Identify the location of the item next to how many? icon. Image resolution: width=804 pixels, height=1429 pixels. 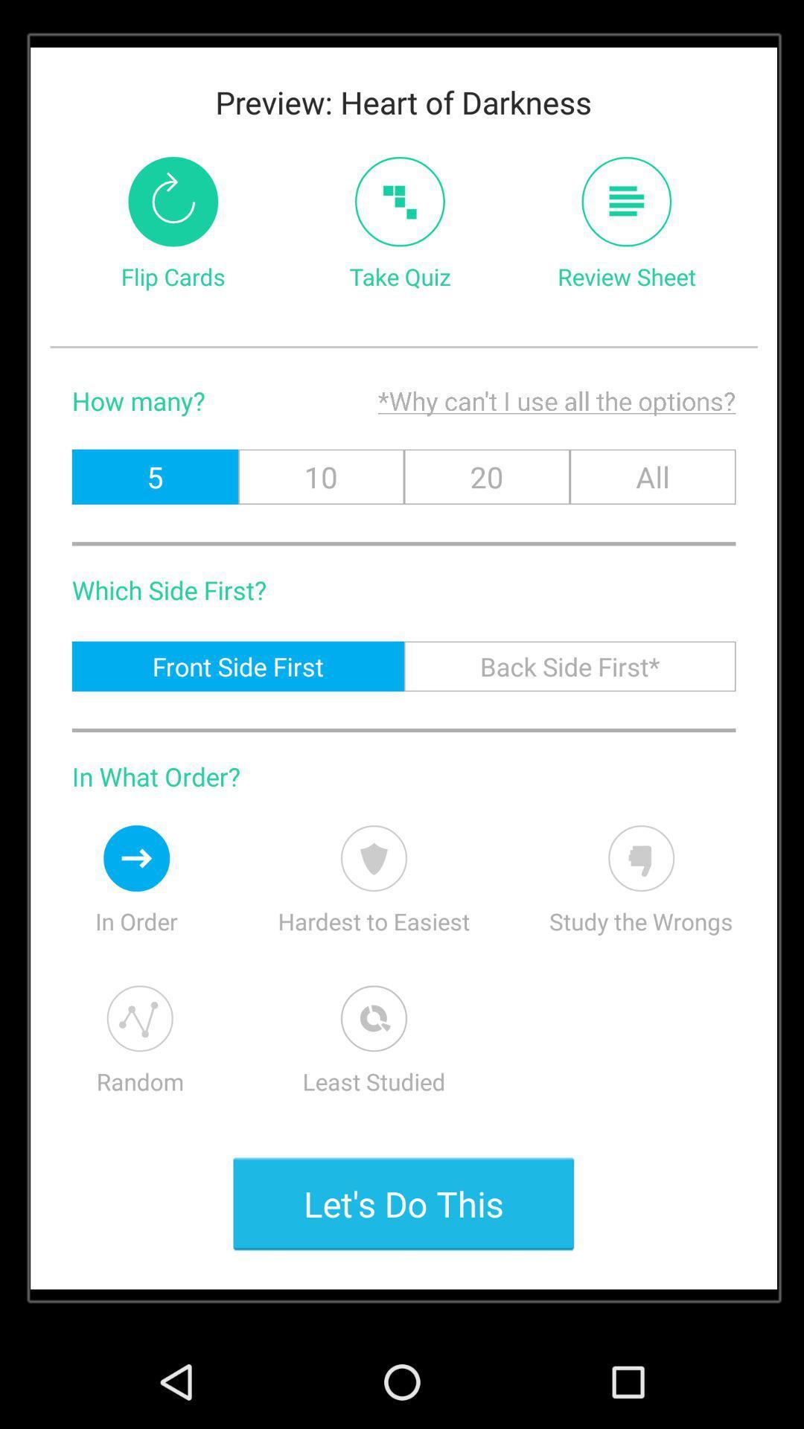
(476, 400).